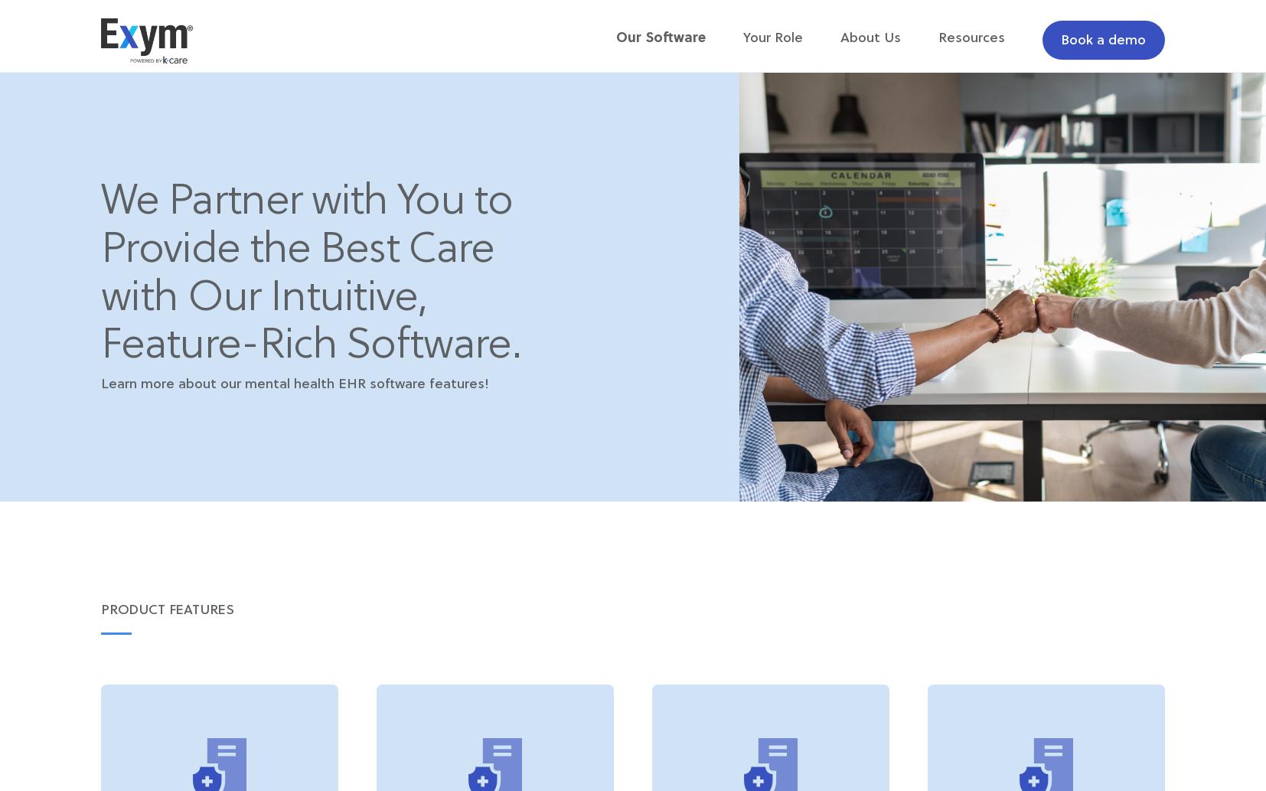 This screenshot has width=1266, height=791. Describe the element at coordinates (874, 139) in the screenshot. I see `'Support + Training'` at that location.